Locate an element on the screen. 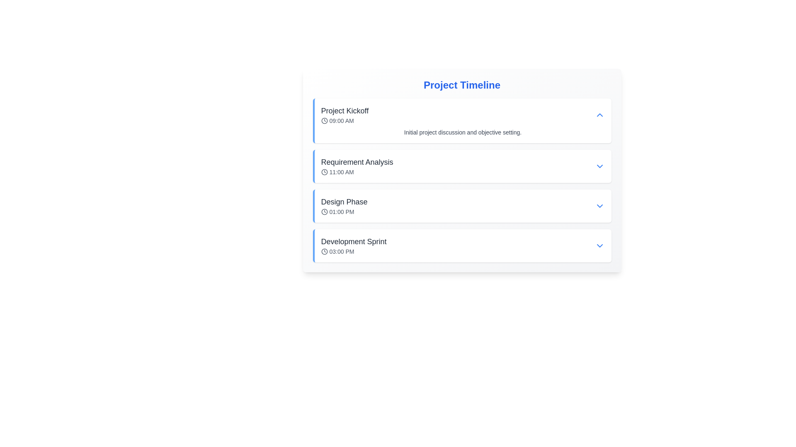 Image resolution: width=796 pixels, height=447 pixels. the fourth icon button adjacent to the 'Requirement Analysis 11:00 AM' section is located at coordinates (599, 166).